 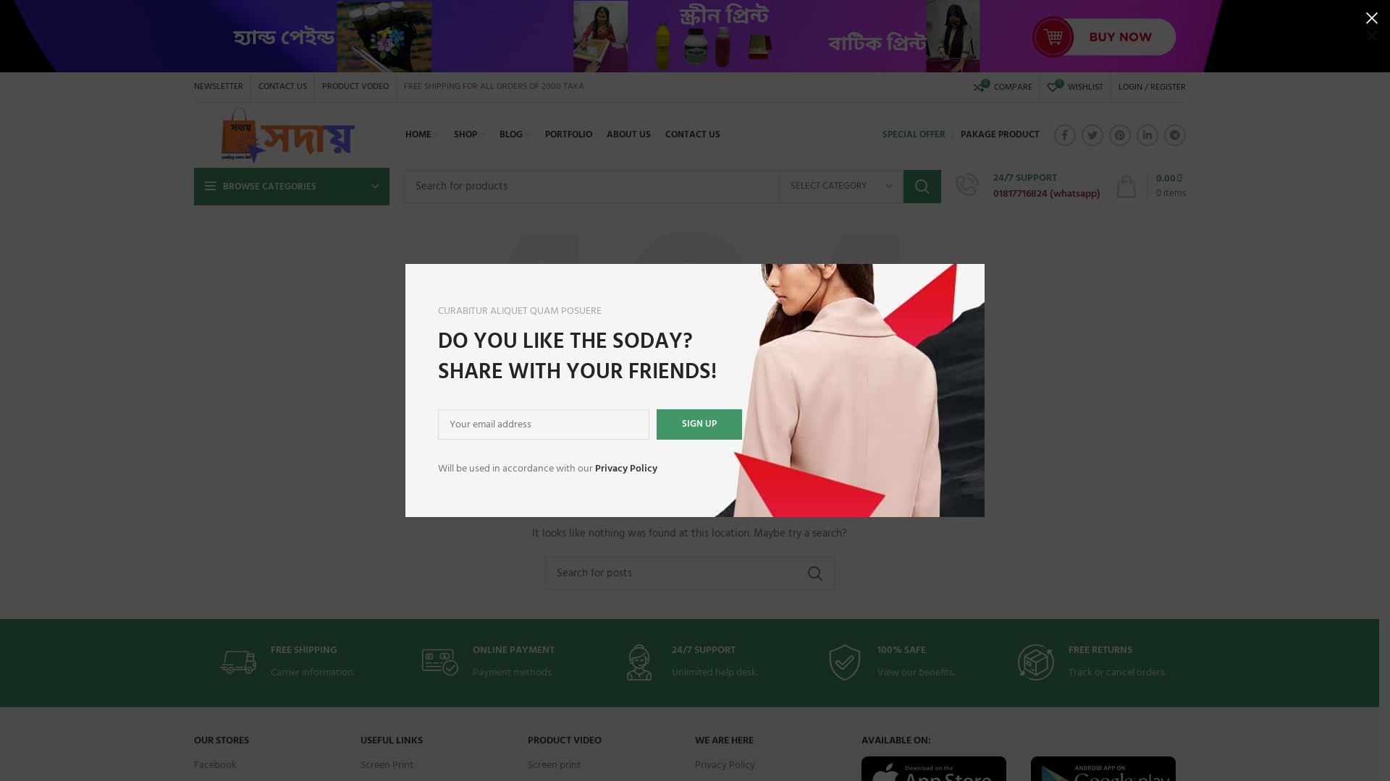 I want to click on 'SEARCH', so click(x=921, y=186).